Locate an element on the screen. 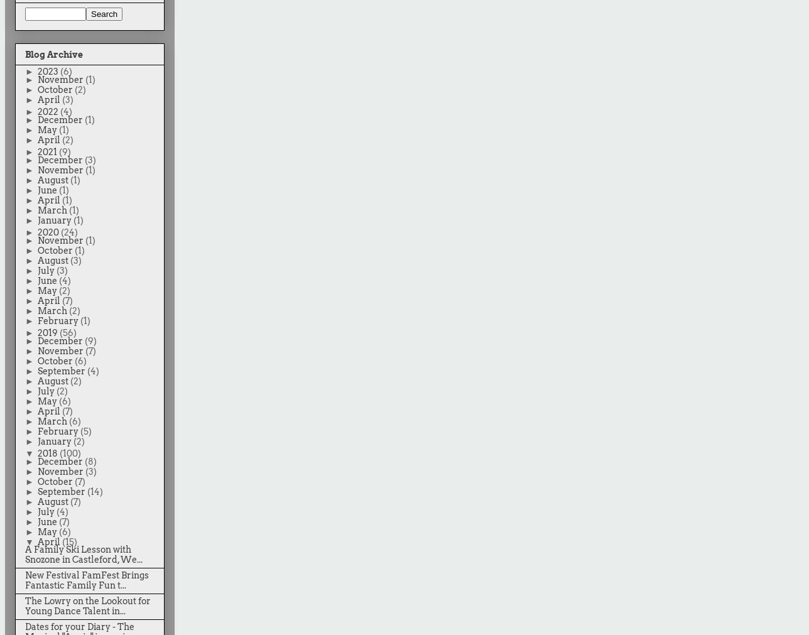 The image size is (809, 635). '2020' is located at coordinates (48, 232).